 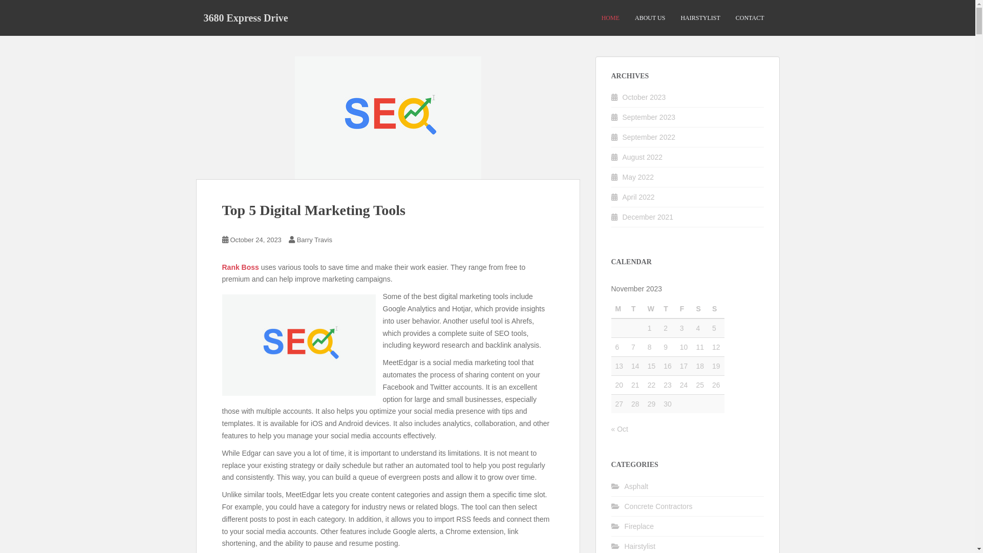 I want to click on 'August 2022', so click(x=642, y=157).